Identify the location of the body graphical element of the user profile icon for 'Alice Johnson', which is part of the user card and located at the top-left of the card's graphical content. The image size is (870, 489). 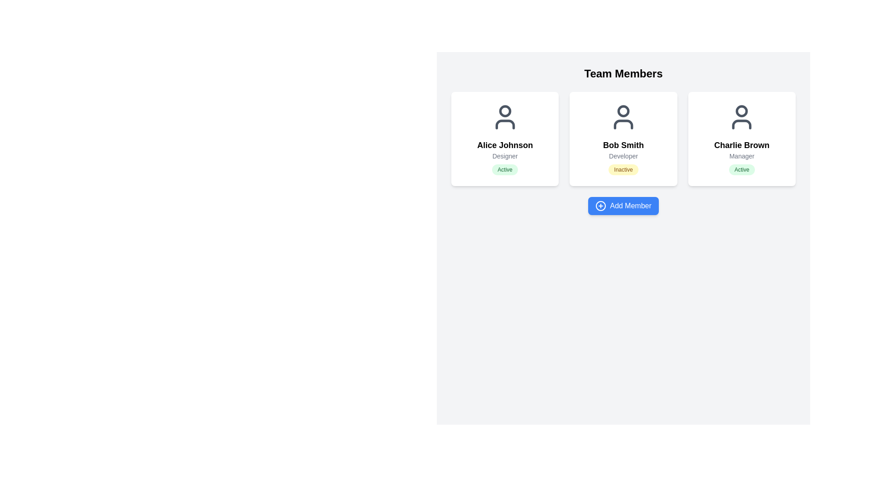
(504, 124).